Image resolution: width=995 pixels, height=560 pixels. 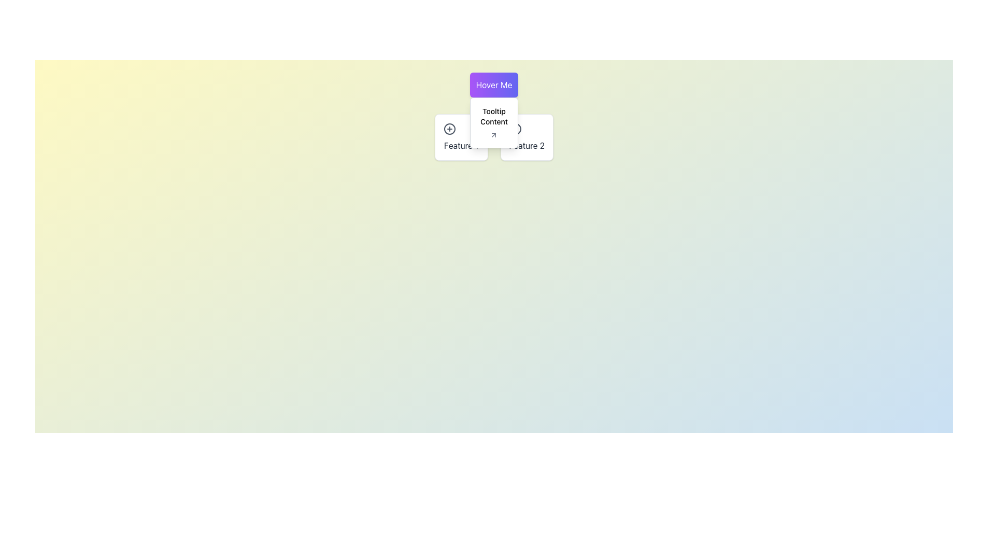 What do you see at coordinates (515, 129) in the screenshot?
I see `the SVG Circle Element that serves as an icon or visual cue within the tooltip-like popup next to the 'Hover Me' button` at bounding box center [515, 129].